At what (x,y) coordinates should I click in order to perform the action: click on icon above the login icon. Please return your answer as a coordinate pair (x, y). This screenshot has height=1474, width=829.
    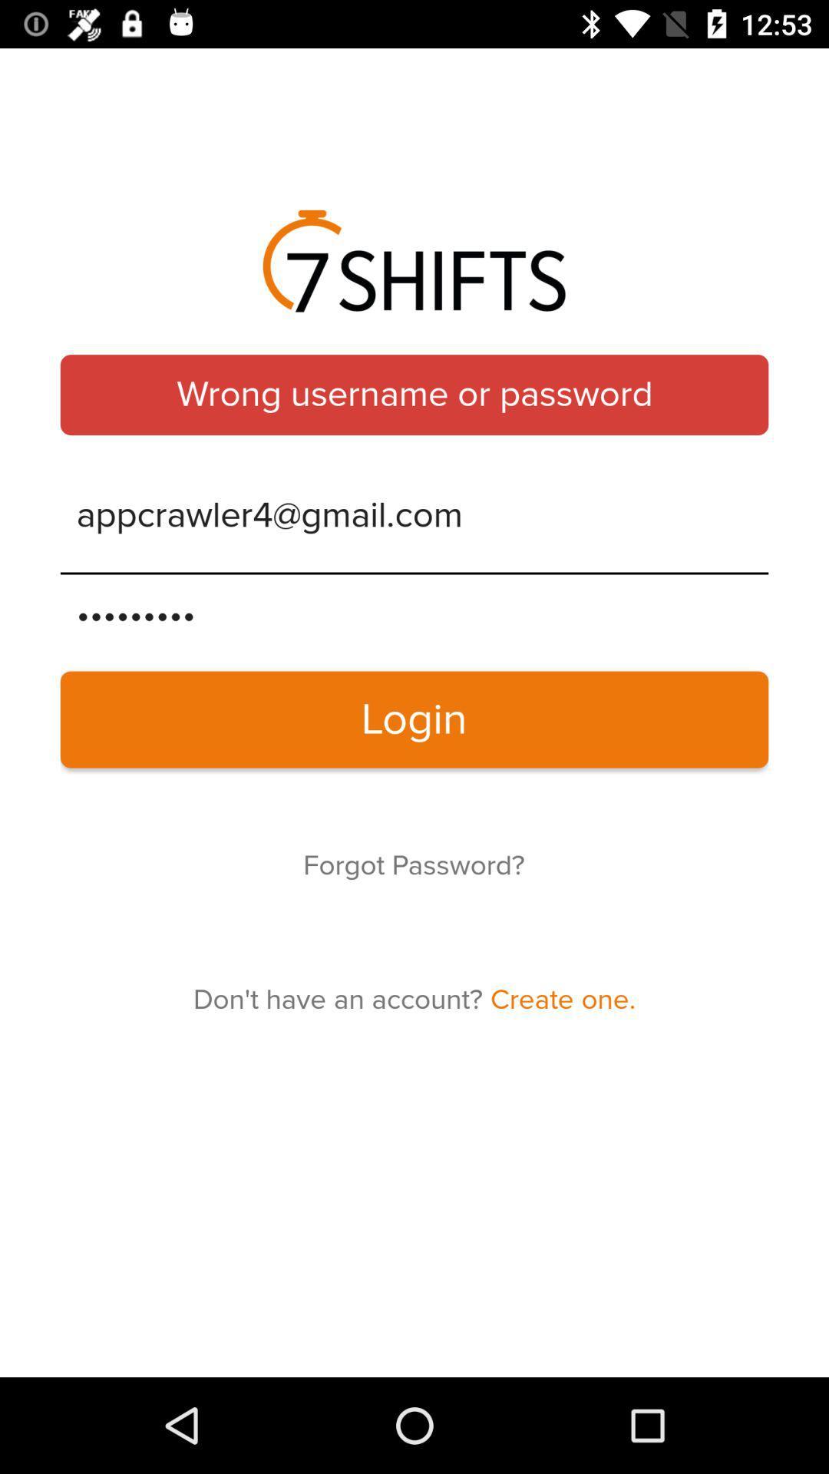
    Looking at the image, I should click on (414, 615).